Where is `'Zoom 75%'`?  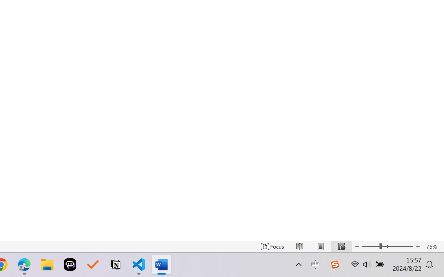
'Zoom 75%' is located at coordinates (433, 246).